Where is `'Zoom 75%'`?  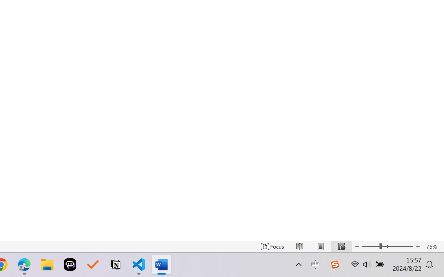
'Zoom 75%' is located at coordinates (433, 246).